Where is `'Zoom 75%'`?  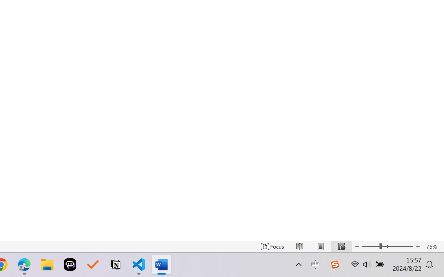
'Zoom 75%' is located at coordinates (433, 246).